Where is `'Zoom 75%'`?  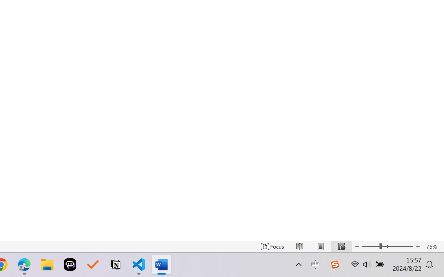
'Zoom 75%' is located at coordinates (433, 246).